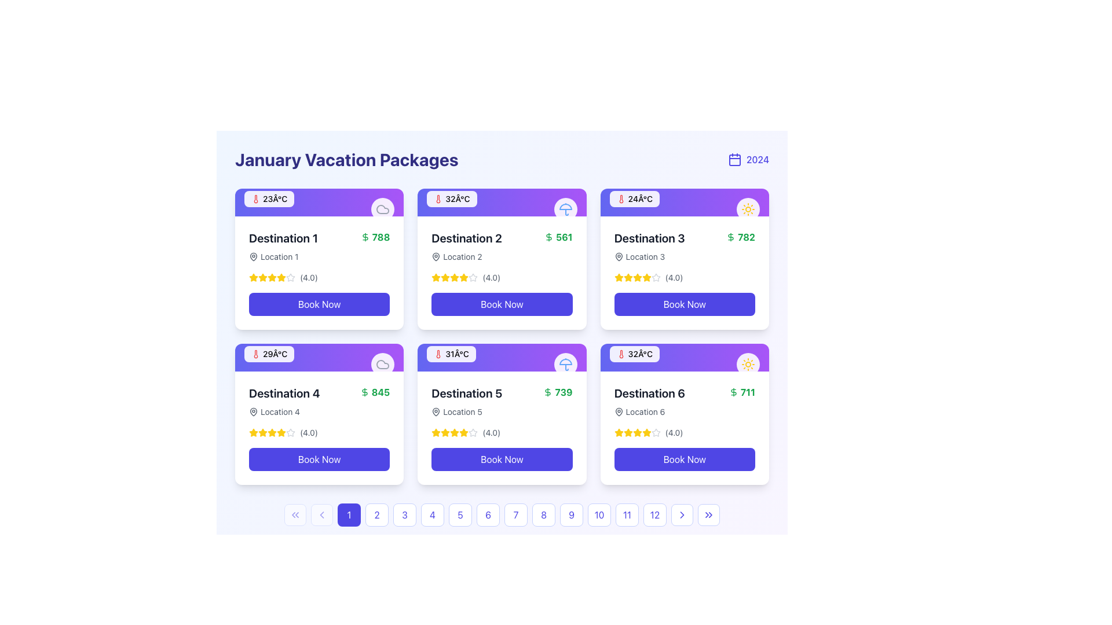 This screenshot has height=625, width=1112. What do you see at coordinates (319, 459) in the screenshot?
I see `the 'Book Now' button with rounded corners and a vibrant indigo background located at the bottom-center of the 'Destination 4' card` at bounding box center [319, 459].